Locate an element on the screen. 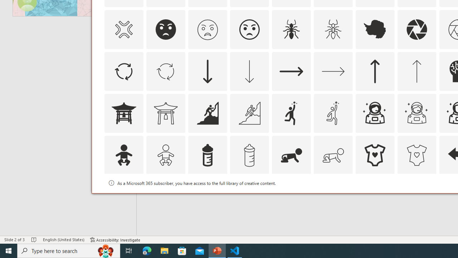  'AutomationID: Icons_BabyBottle' is located at coordinates (207, 154).